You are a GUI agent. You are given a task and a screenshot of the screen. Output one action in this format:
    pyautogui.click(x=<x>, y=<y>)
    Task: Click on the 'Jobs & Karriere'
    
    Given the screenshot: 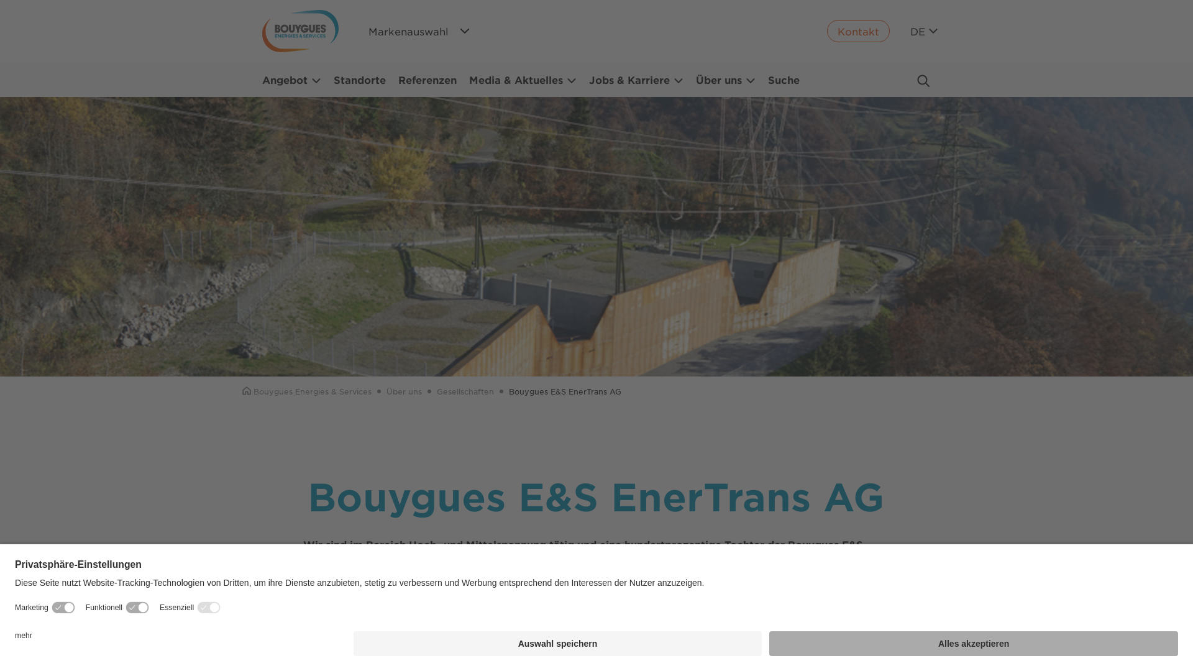 What is the action you would take?
    pyautogui.click(x=636, y=79)
    